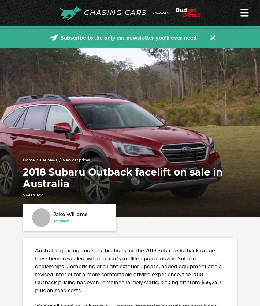 Image resolution: width=260 pixels, height=306 pixels. What do you see at coordinates (53, 221) in the screenshot?
I see `'Journalist'` at bounding box center [53, 221].